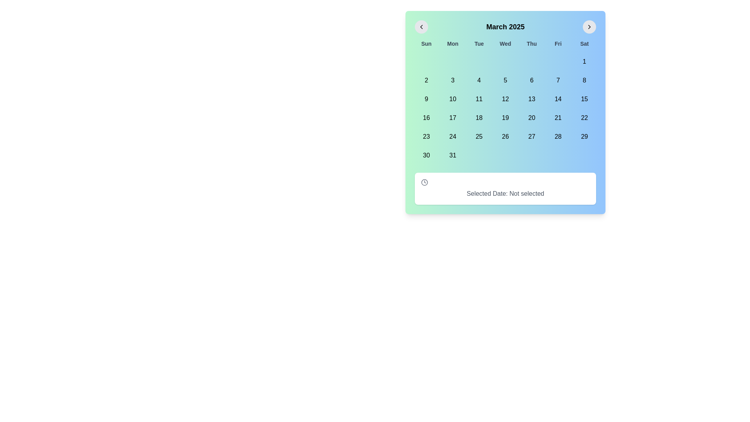  What do you see at coordinates (426, 99) in the screenshot?
I see `the button labeled '9' in the calendar grid` at bounding box center [426, 99].